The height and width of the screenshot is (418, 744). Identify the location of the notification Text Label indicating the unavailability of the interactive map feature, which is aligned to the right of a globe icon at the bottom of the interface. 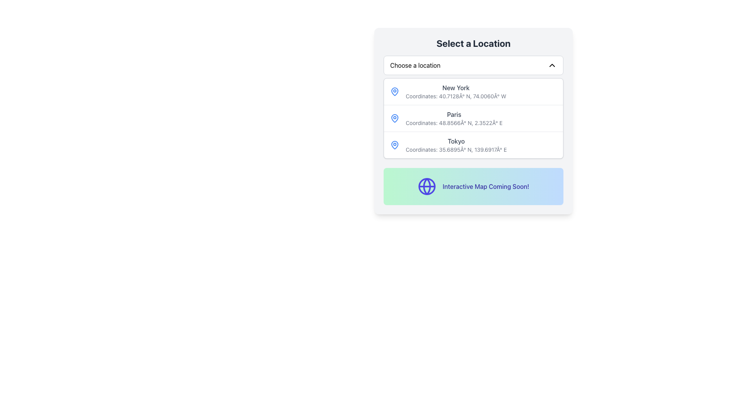
(485, 187).